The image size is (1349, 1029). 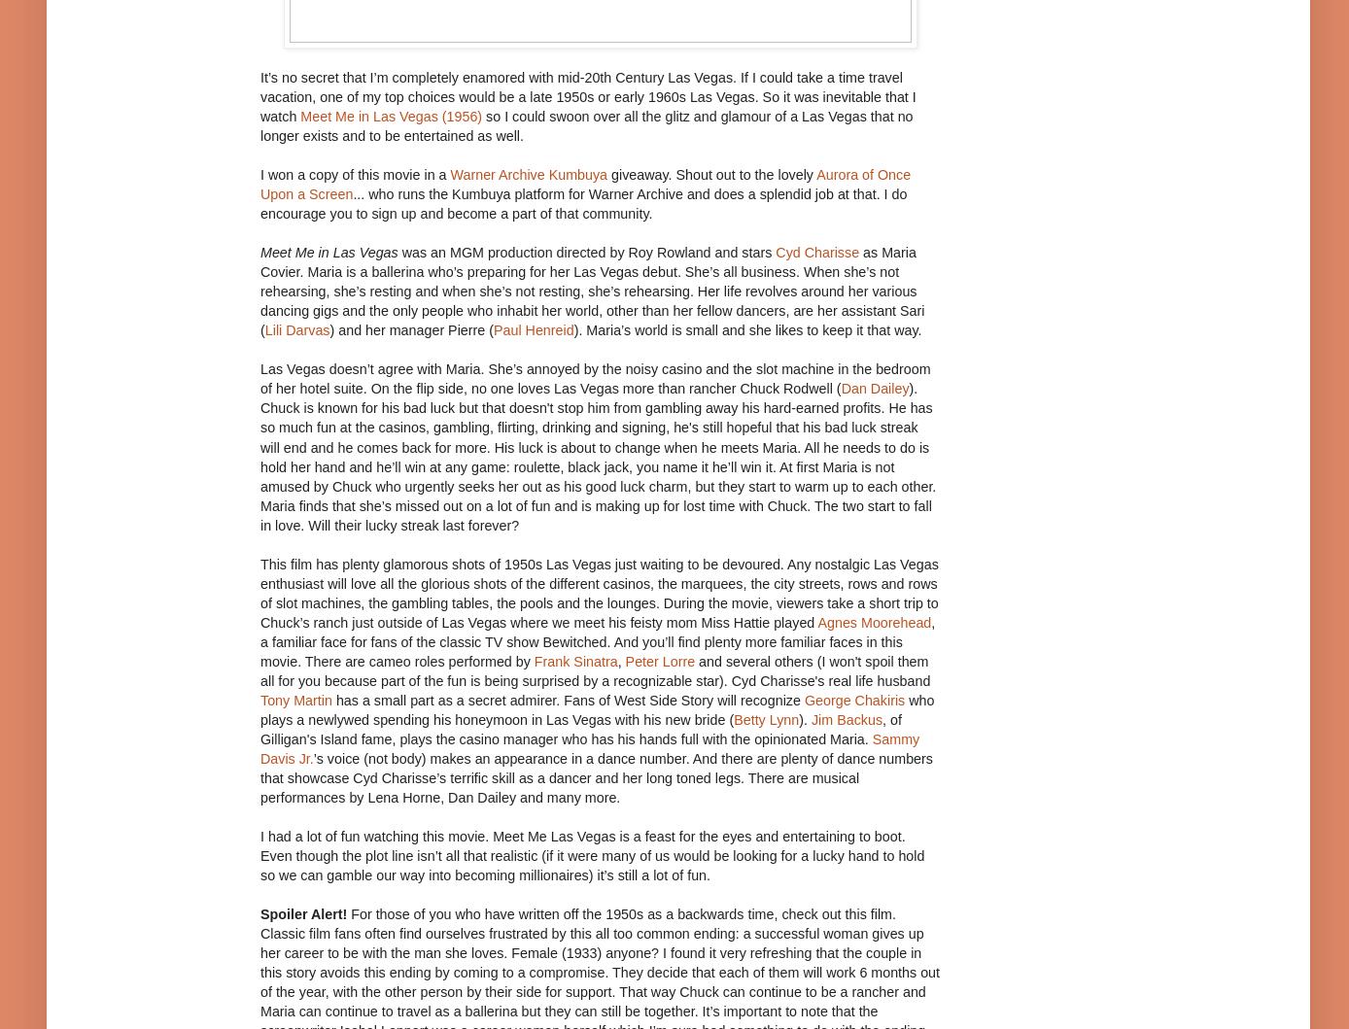 I want to click on ', of Gilligan's Island fame, plays the casino manager who has his hands full with the opinionated Maria.', so click(x=580, y=727).